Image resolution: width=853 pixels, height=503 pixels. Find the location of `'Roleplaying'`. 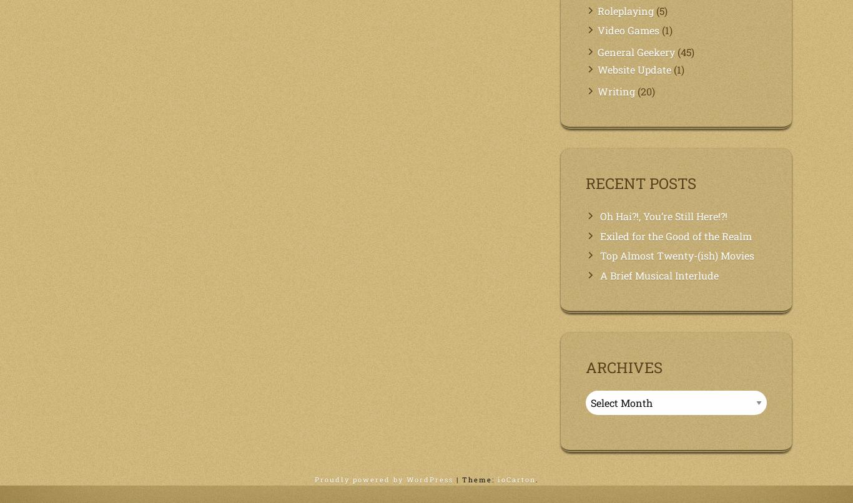

'Roleplaying' is located at coordinates (625, 10).